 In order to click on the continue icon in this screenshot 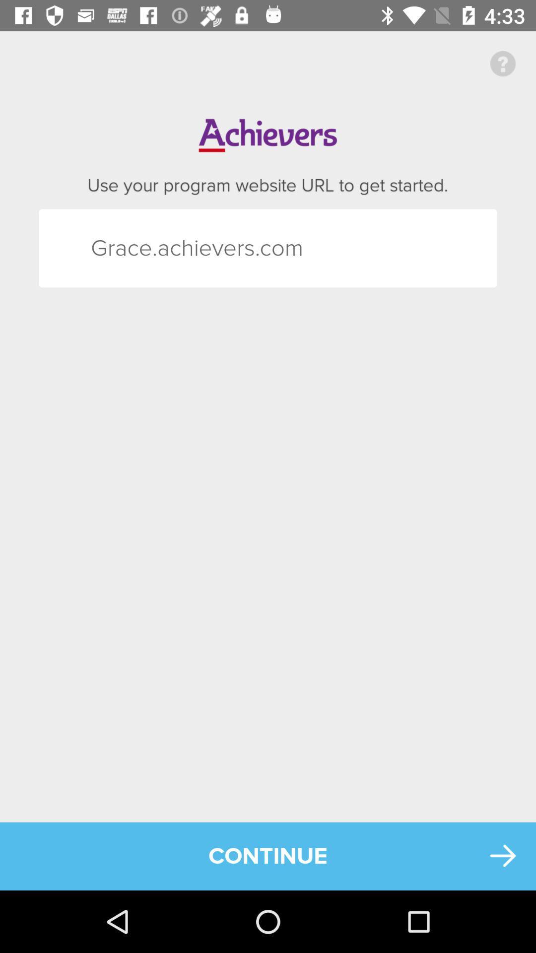, I will do `click(268, 856)`.